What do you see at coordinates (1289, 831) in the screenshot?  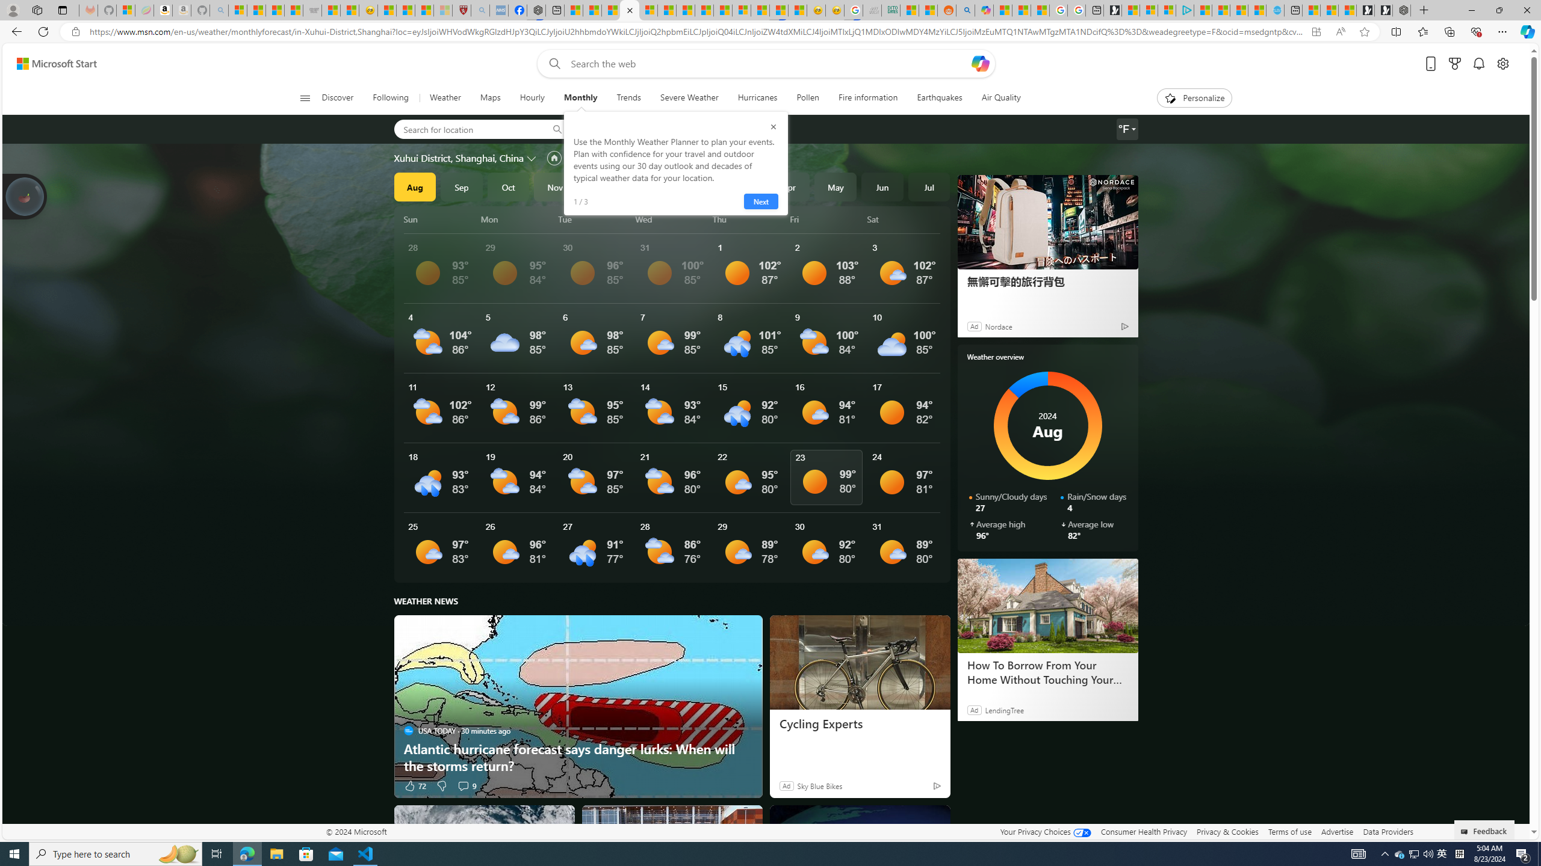 I see `'Terms of use'` at bounding box center [1289, 831].